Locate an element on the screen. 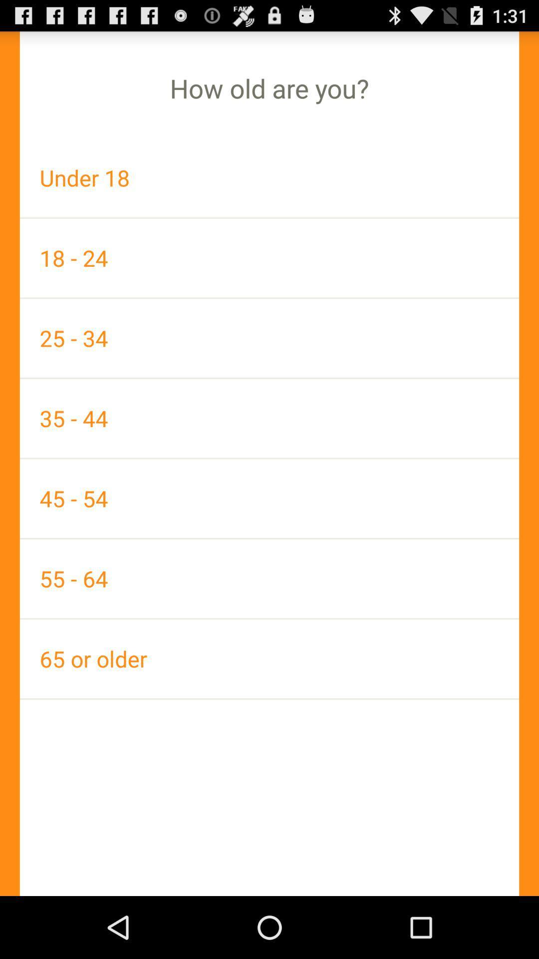  the 25 - 34 item is located at coordinates (269, 338).